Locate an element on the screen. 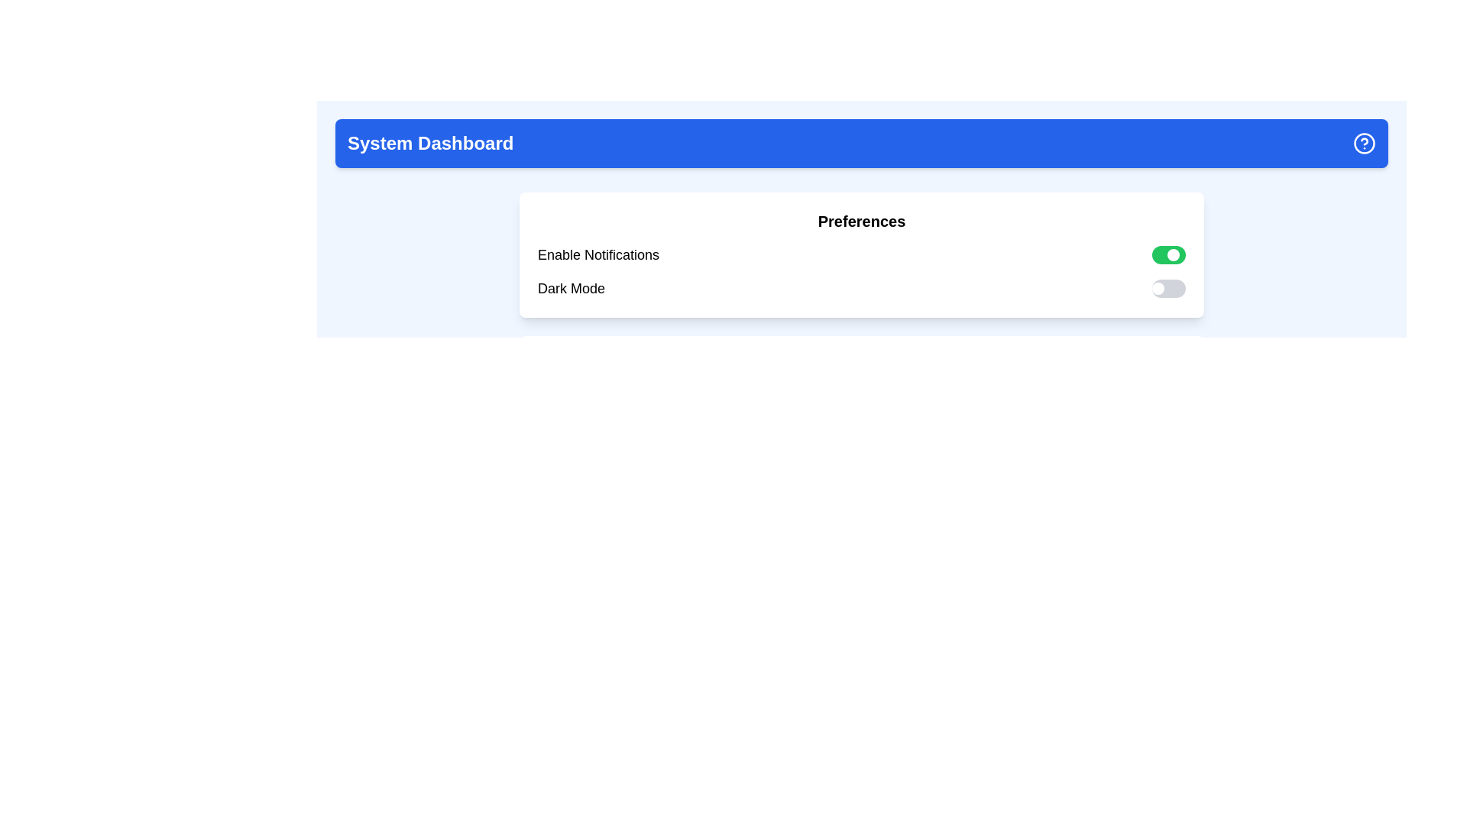  the toggle switch for 'Dark Mode' to change its state, located to the right of the 'Dark Mode' text label in the preferences panel is located at coordinates (1168, 289).